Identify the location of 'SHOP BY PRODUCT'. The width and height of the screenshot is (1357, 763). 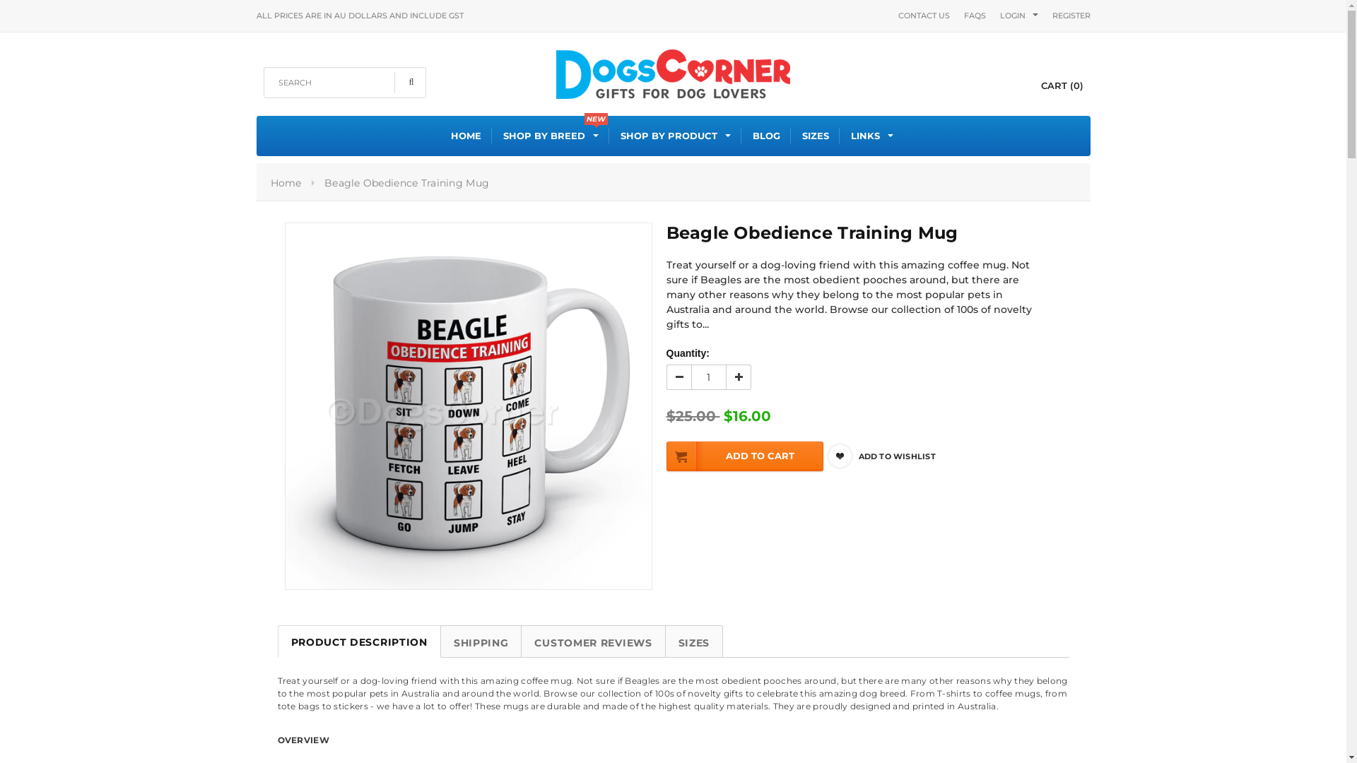
(621, 136).